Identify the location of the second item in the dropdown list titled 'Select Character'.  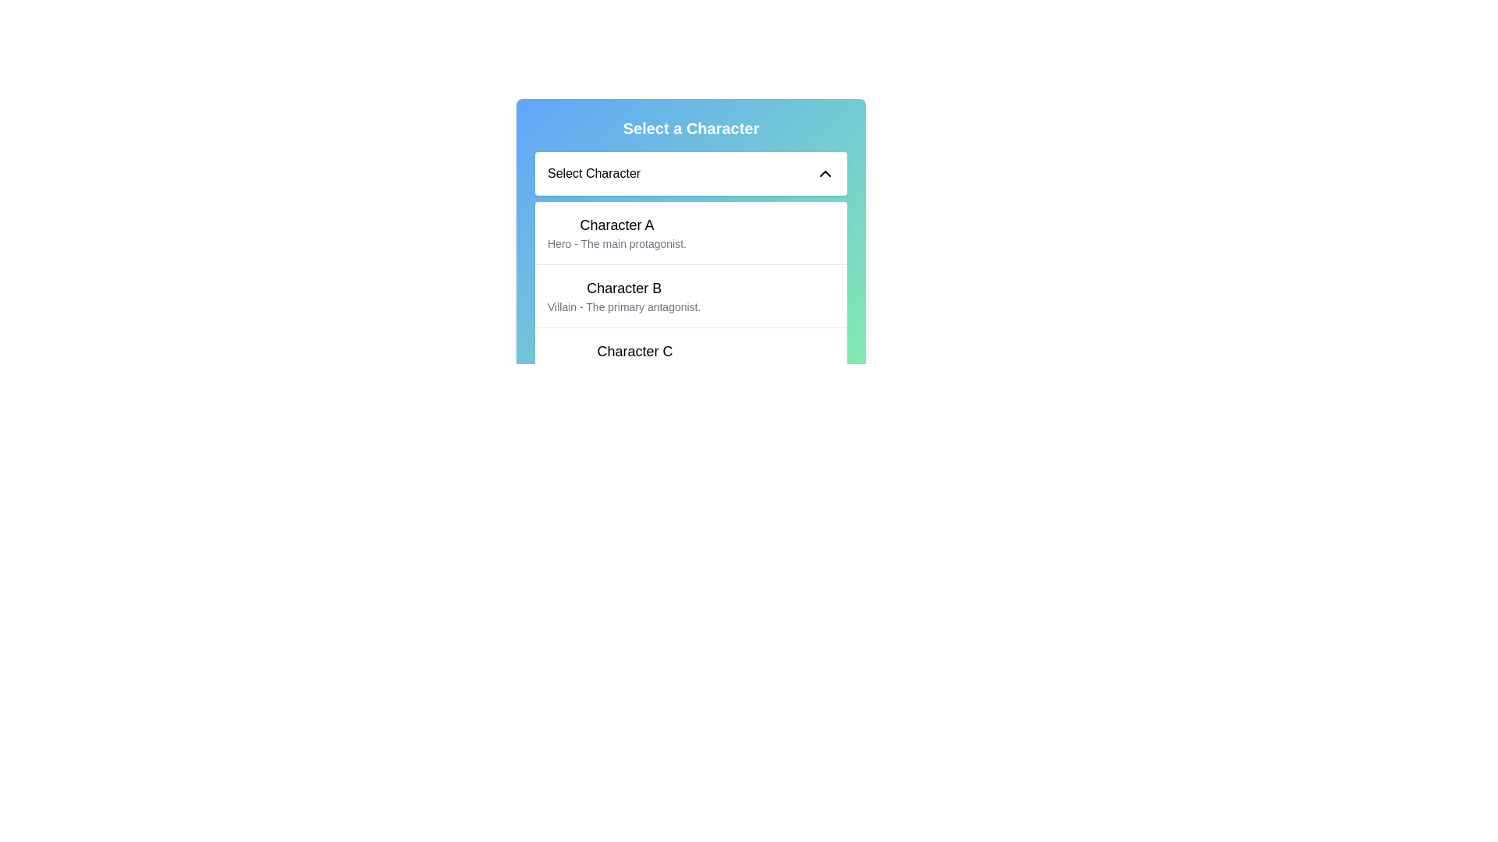
(690, 296).